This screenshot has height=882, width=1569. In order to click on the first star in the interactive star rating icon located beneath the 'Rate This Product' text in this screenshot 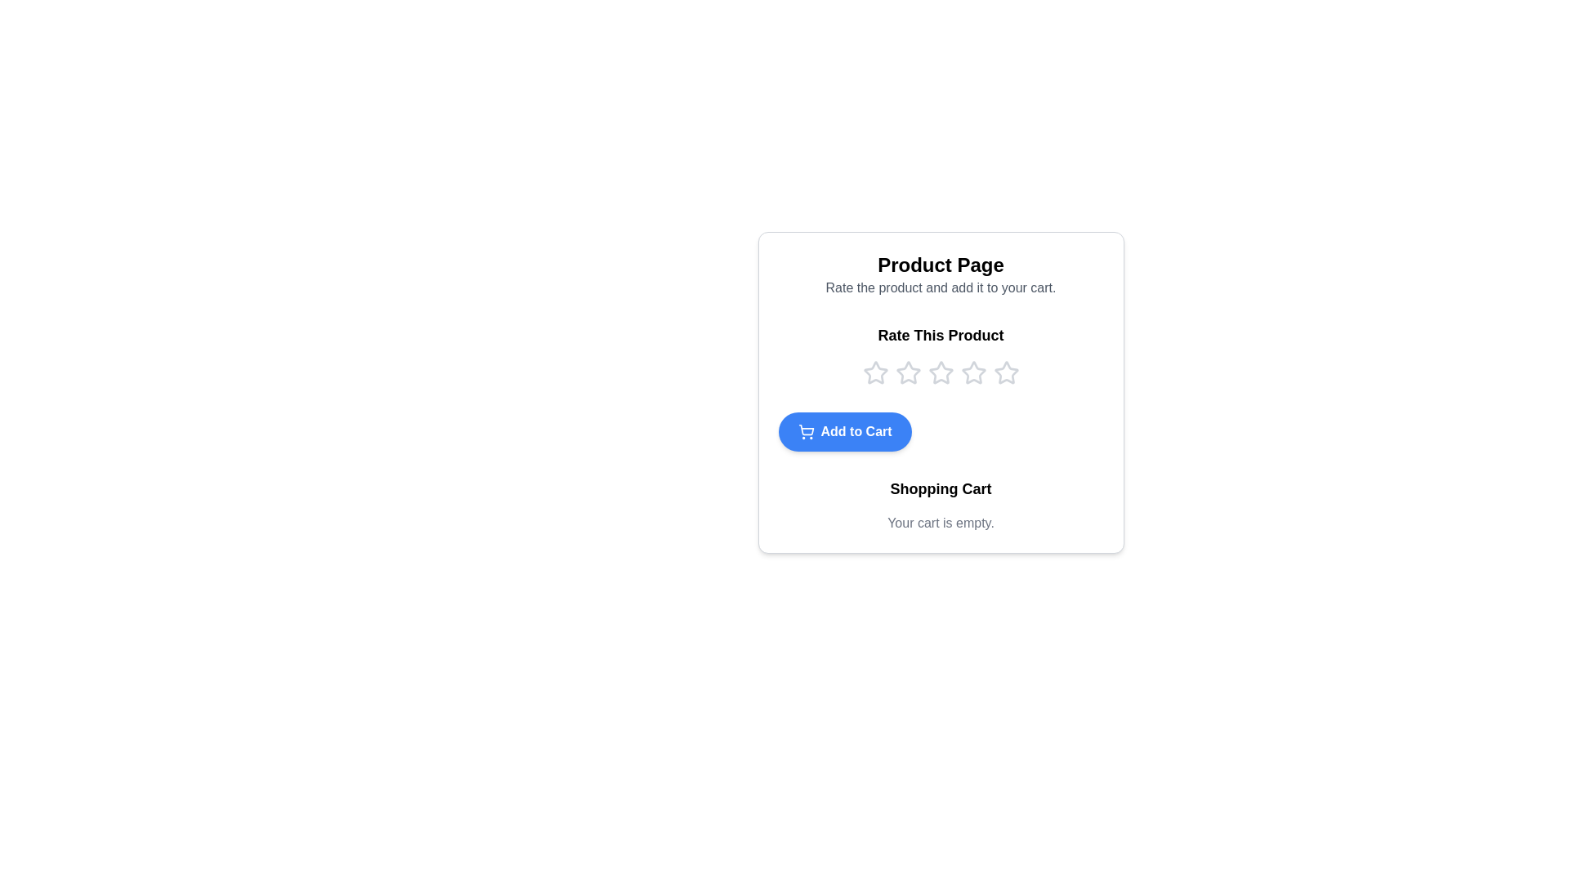, I will do `click(874, 372)`.